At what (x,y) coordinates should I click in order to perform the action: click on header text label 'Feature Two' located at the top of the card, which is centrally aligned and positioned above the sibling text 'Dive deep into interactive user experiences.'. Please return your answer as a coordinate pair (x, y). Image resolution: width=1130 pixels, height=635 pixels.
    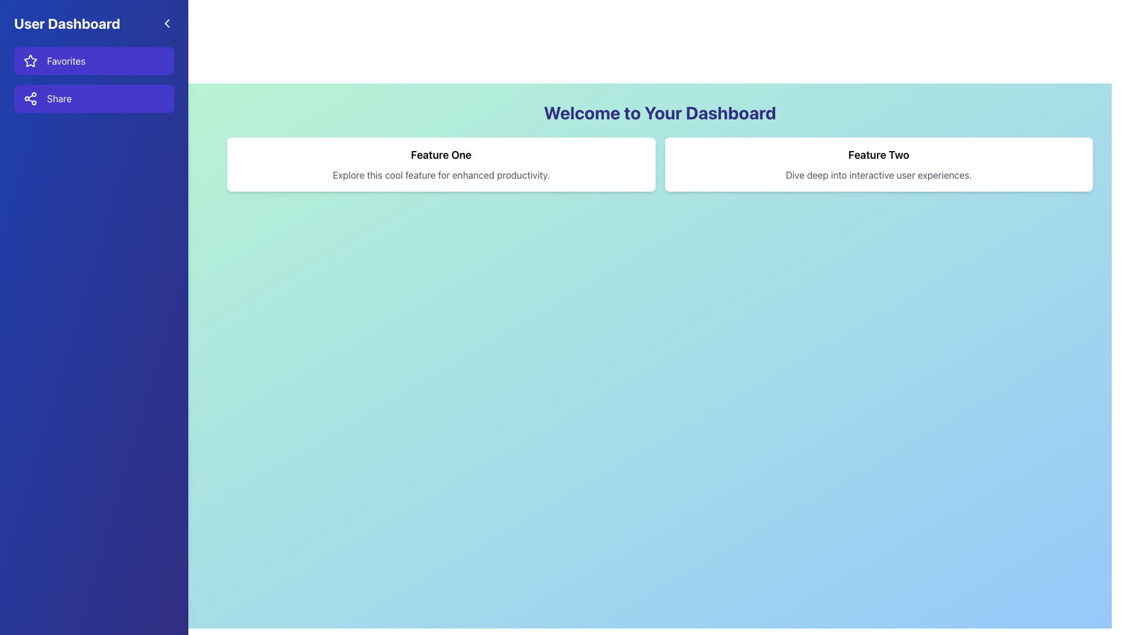
    Looking at the image, I should click on (879, 154).